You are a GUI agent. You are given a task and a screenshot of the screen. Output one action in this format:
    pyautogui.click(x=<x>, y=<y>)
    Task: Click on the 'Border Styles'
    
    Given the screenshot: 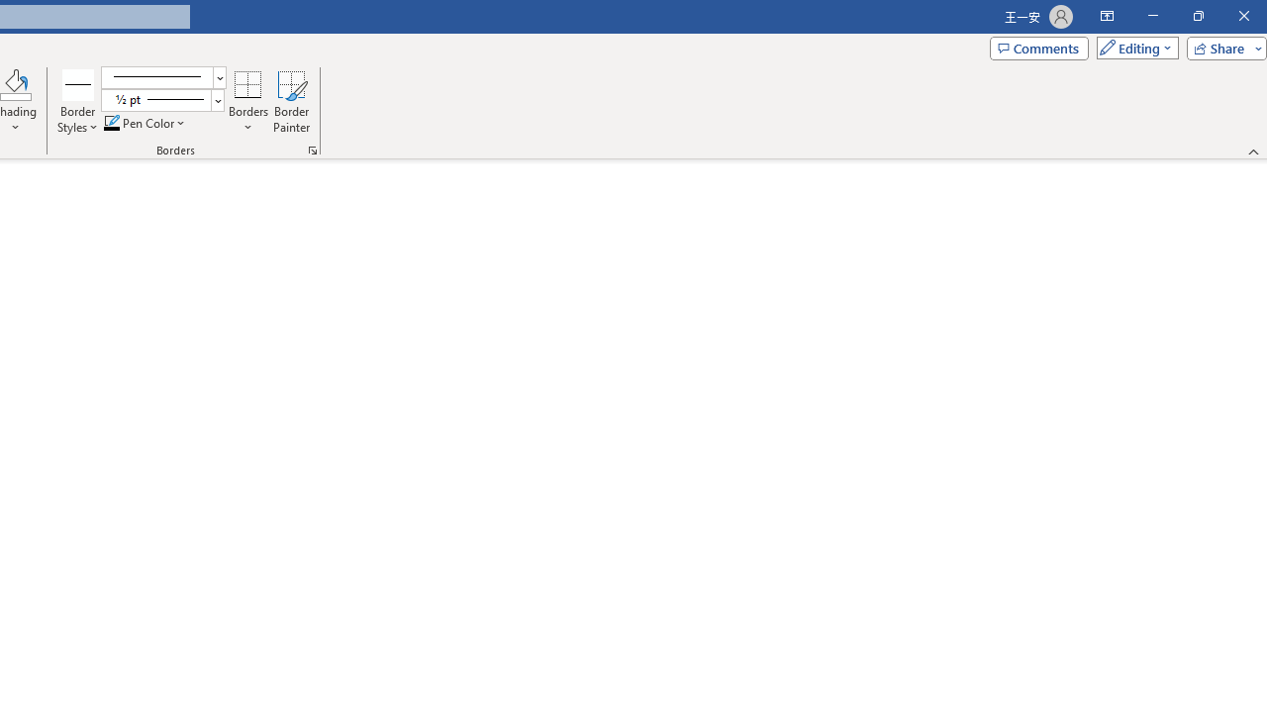 What is the action you would take?
    pyautogui.click(x=78, y=83)
    